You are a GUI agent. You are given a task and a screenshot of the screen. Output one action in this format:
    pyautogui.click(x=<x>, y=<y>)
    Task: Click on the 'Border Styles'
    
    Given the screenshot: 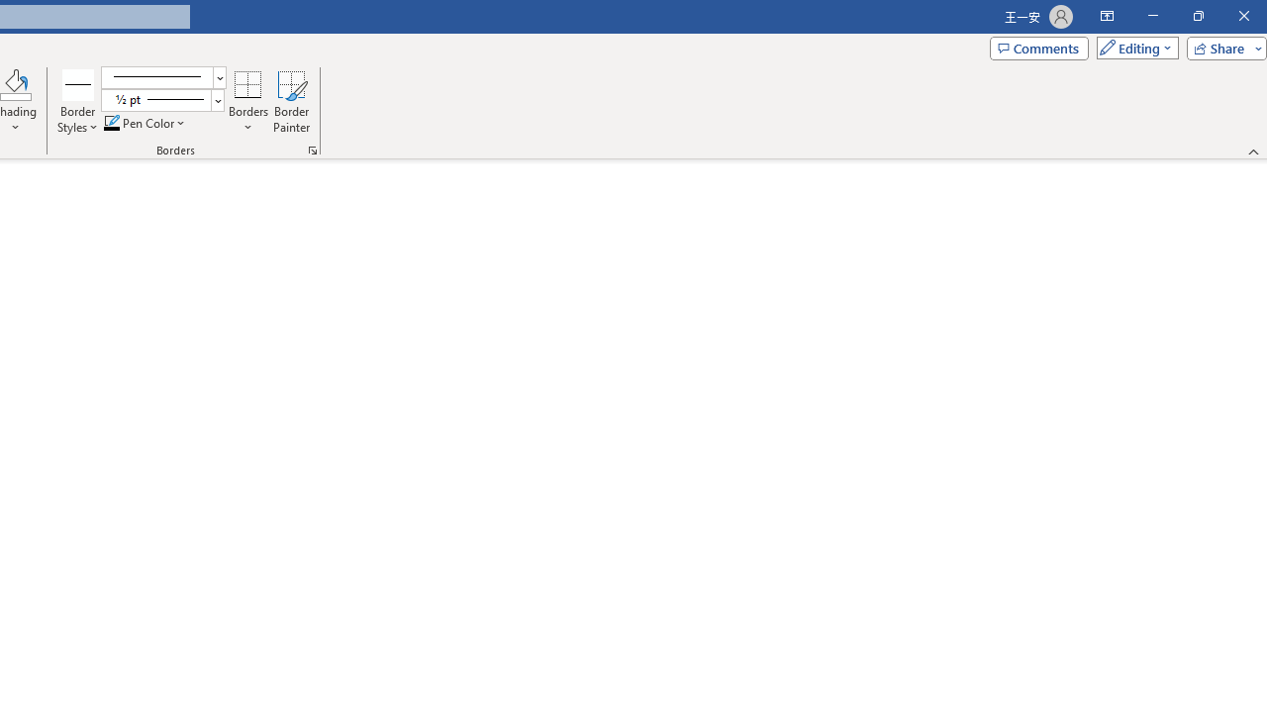 What is the action you would take?
    pyautogui.click(x=78, y=83)
    